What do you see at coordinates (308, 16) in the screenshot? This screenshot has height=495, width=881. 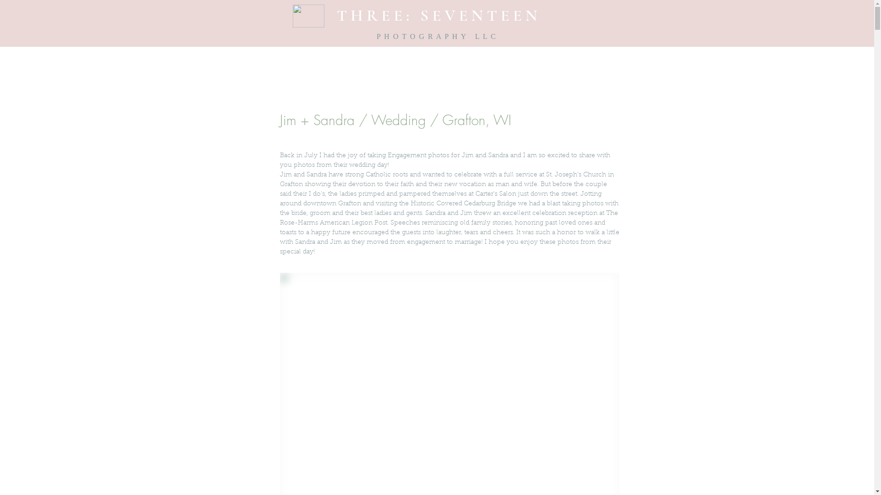 I see `'newTS.gif'` at bounding box center [308, 16].